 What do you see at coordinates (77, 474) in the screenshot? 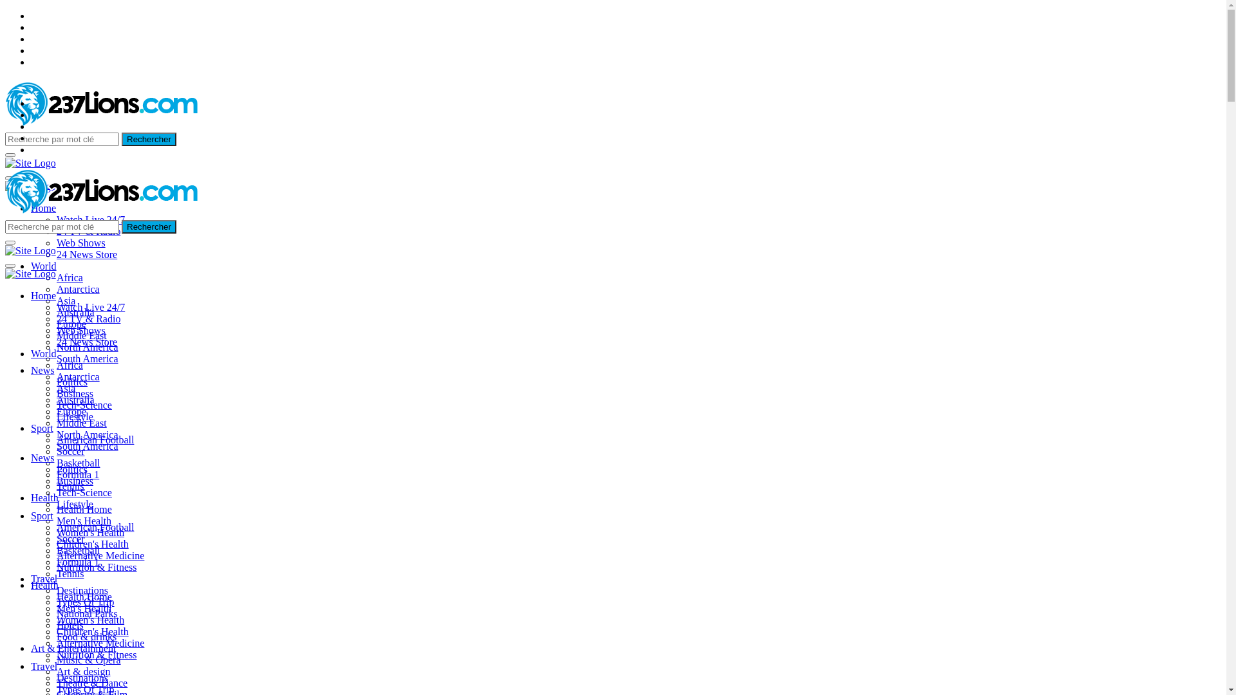
I see `'Formula 1'` at bounding box center [77, 474].